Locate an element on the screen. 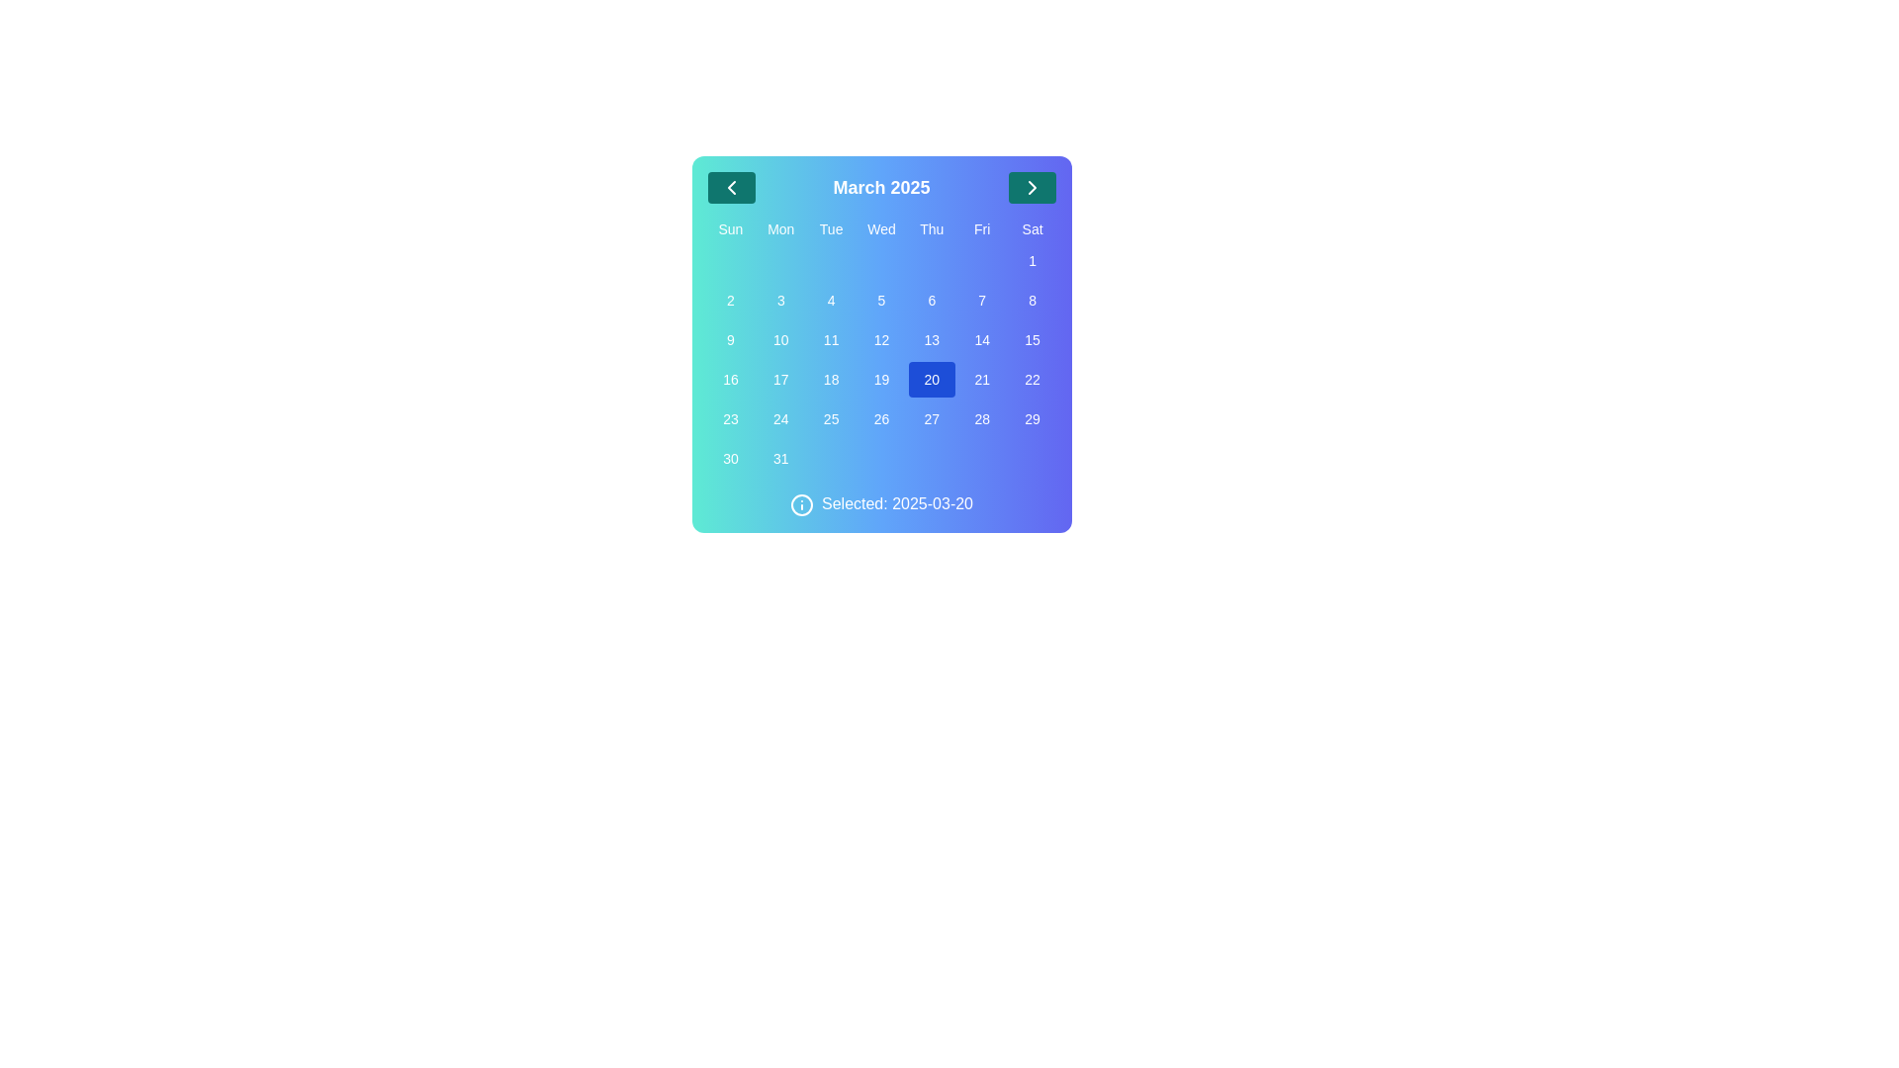  the circular button displaying the number '9' in the calendar grid, which is located in the fourth row and first column under the 'Sun' column header is located at coordinates (730, 338).